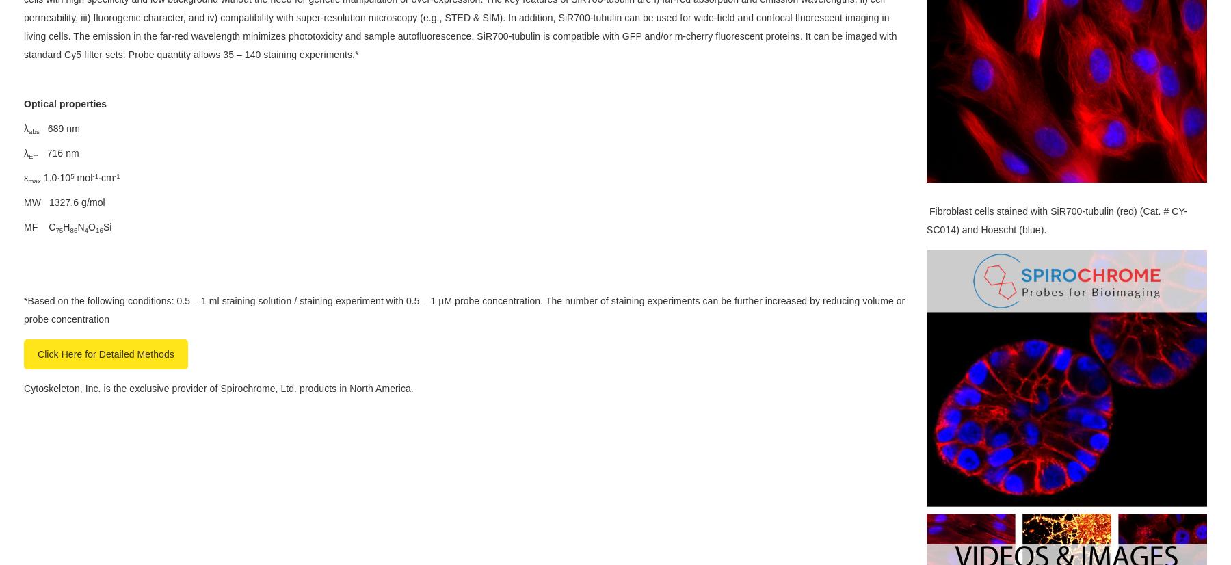 This screenshot has width=1231, height=565. What do you see at coordinates (81, 226) in the screenshot?
I see `'N'` at bounding box center [81, 226].